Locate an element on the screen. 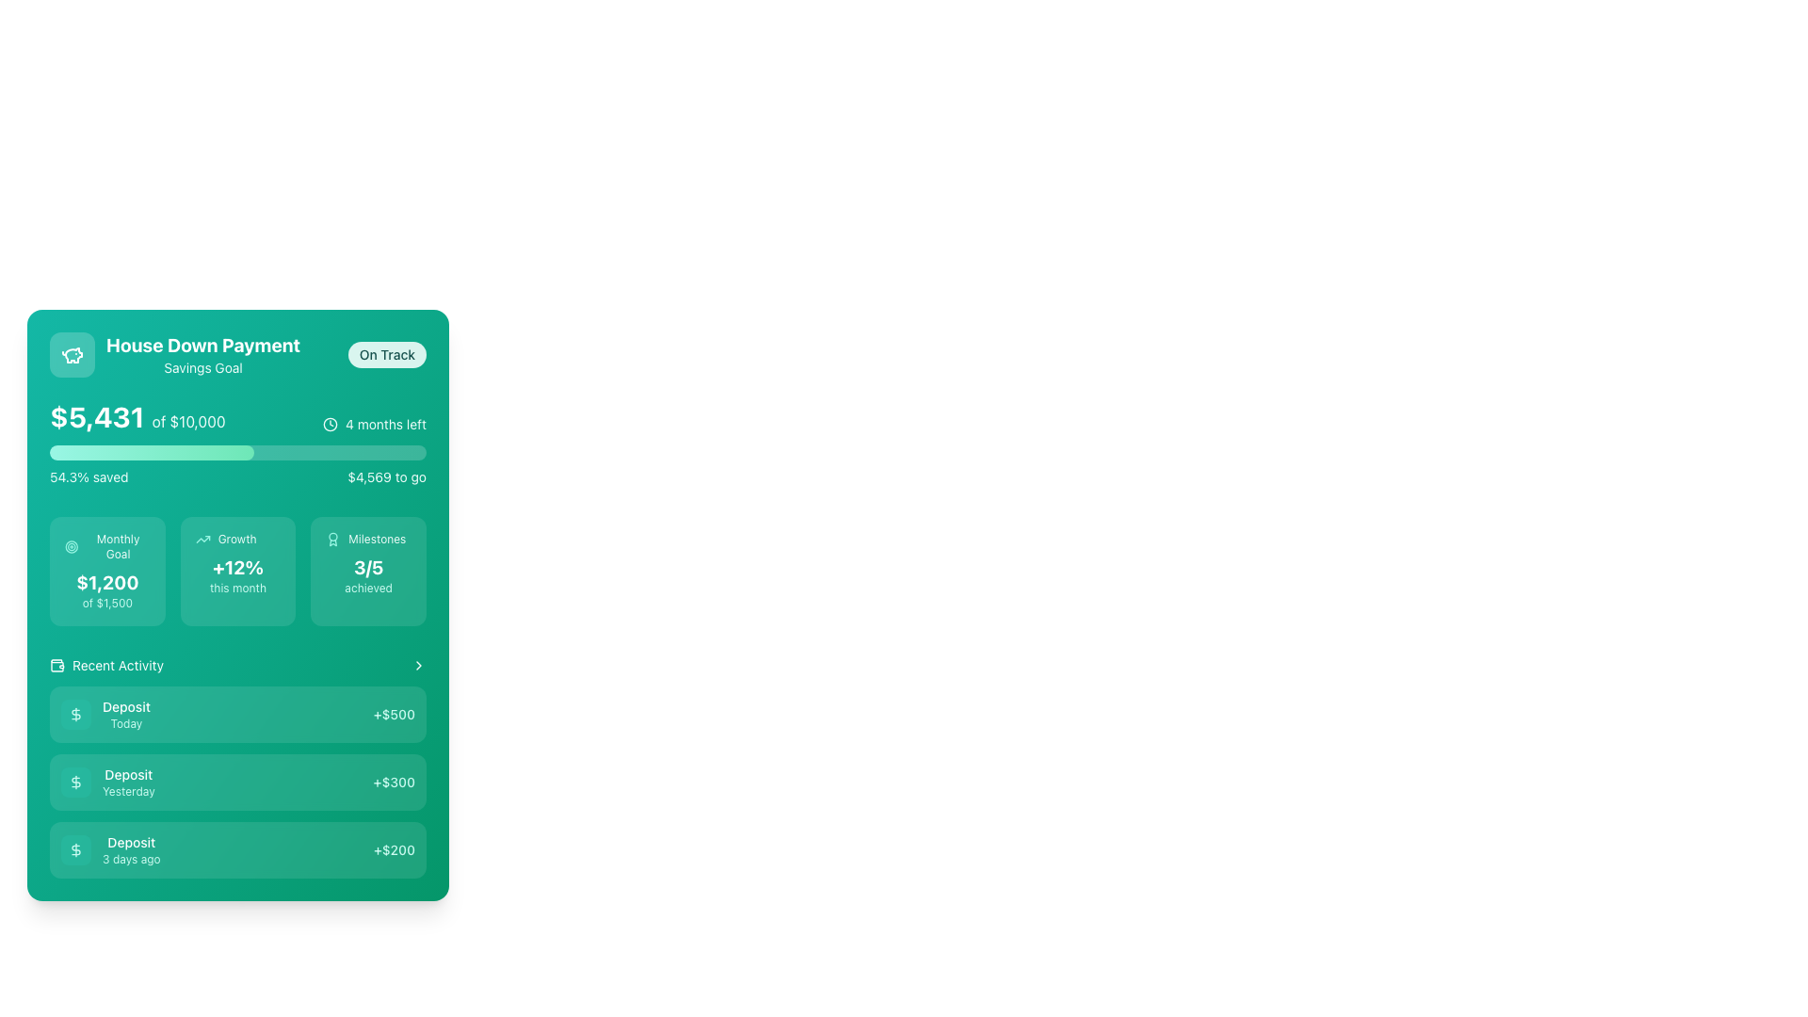  the 'Deposit' text display in the 'Recent Activity' section, which shows 'Deposit' in white bold text and '3 days ago' in smaller teal text, aligned left is located at coordinates (130, 849).